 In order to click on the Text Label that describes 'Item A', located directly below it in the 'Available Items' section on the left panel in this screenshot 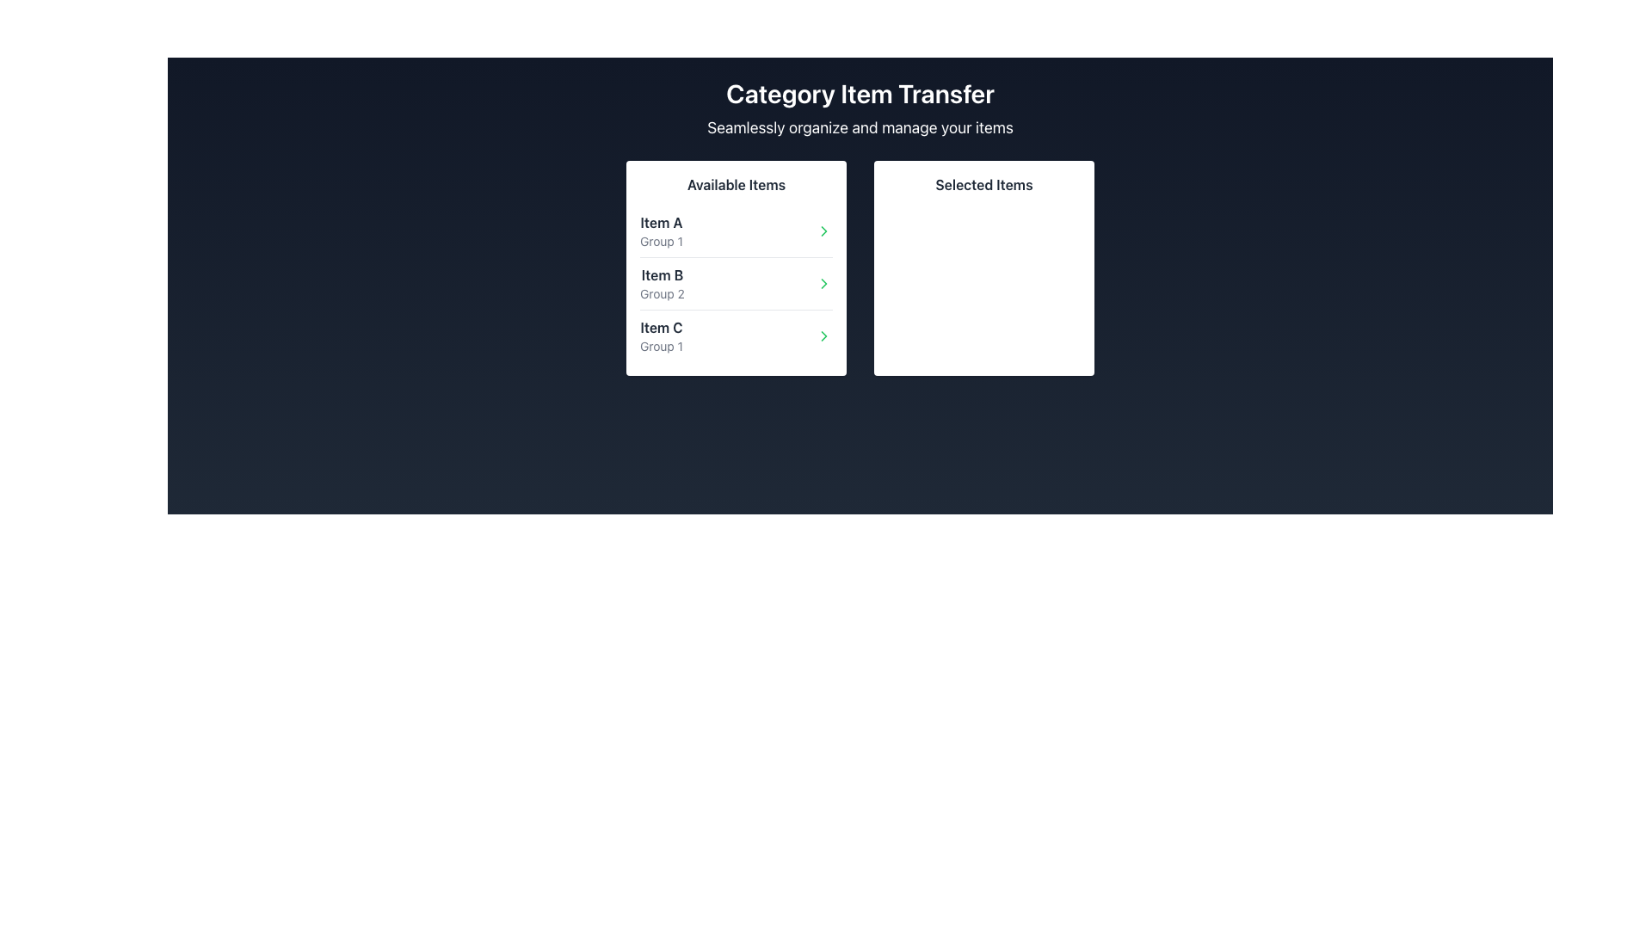, I will do `click(660, 242)`.